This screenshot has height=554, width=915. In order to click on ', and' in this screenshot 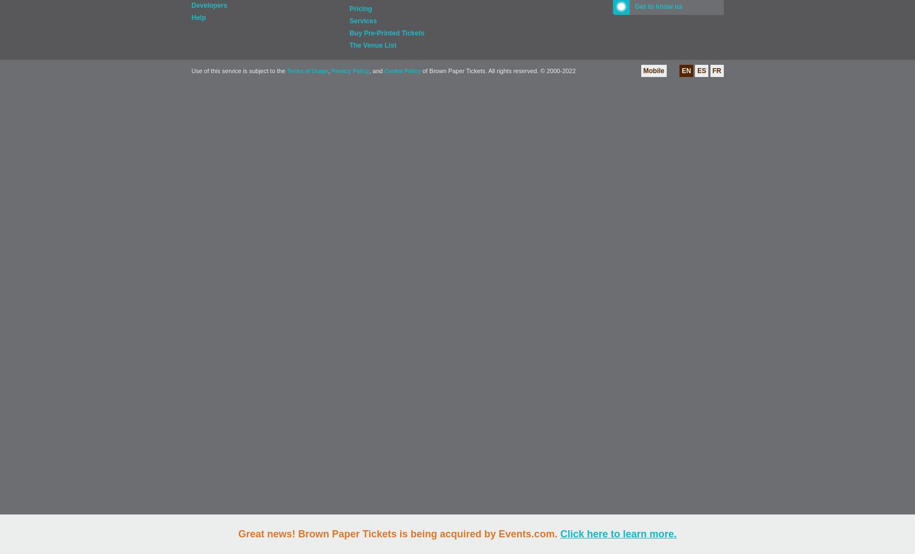, I will do `click(376, 71)`.